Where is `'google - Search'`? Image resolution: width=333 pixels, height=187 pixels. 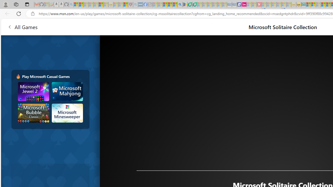 'google - Search' is located at coordinates (180, 4).